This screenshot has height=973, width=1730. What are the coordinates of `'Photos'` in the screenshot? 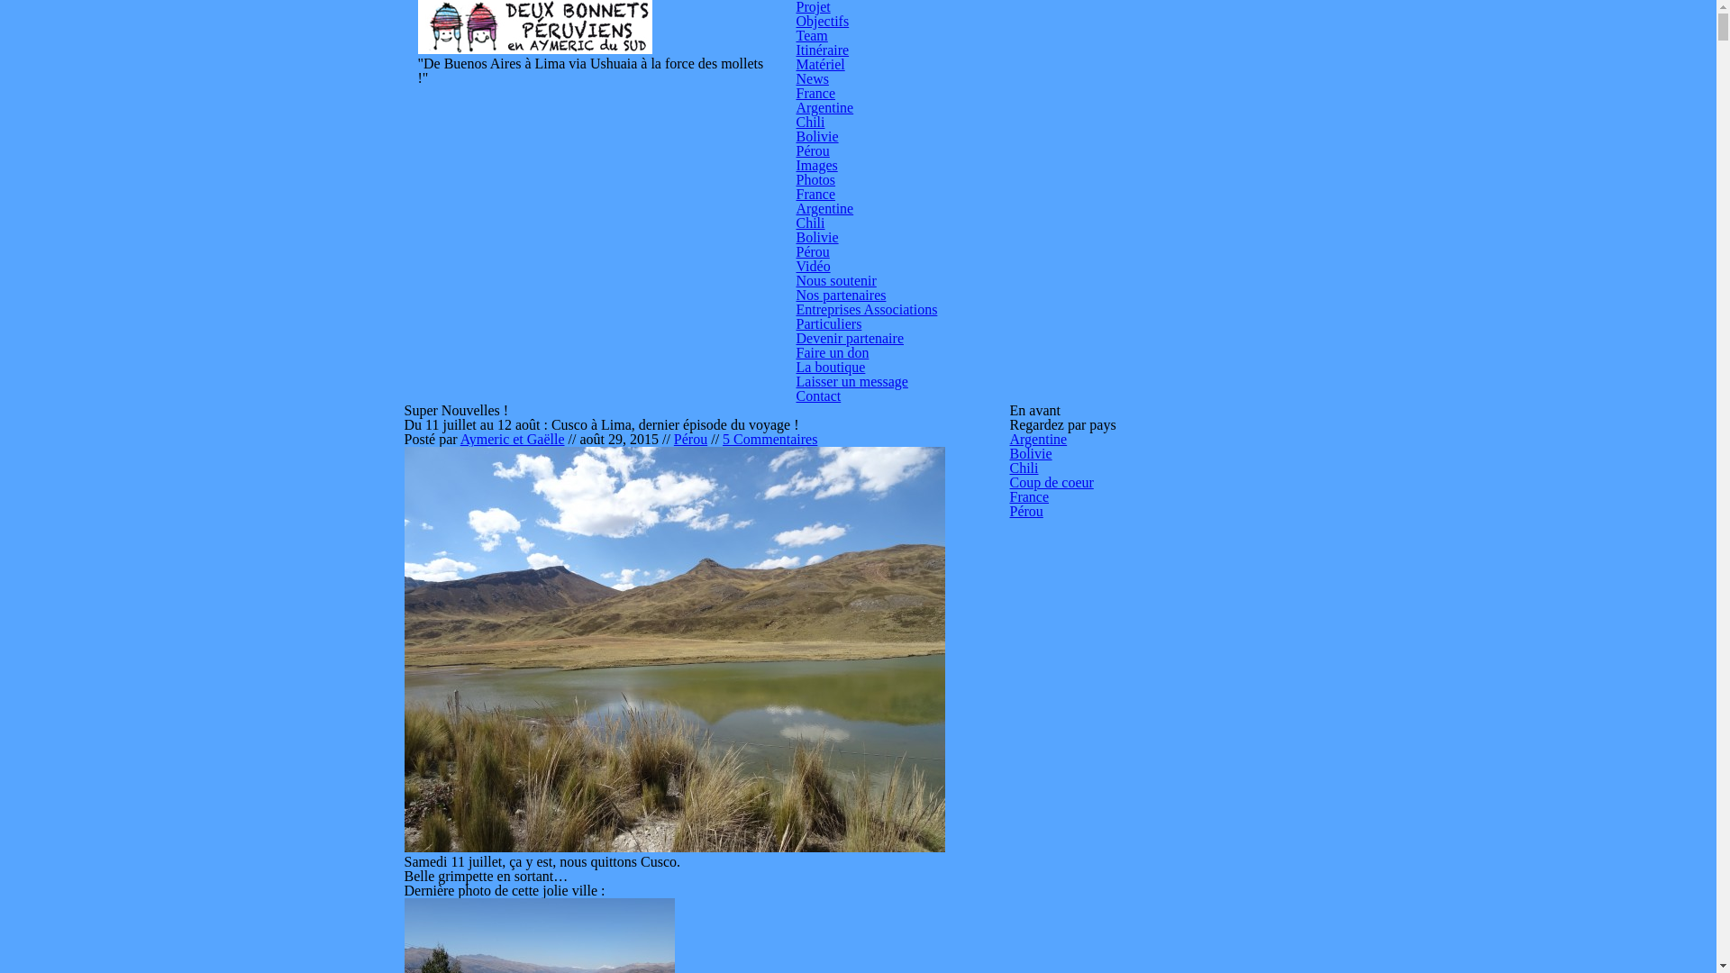 It's located at (815, 179).